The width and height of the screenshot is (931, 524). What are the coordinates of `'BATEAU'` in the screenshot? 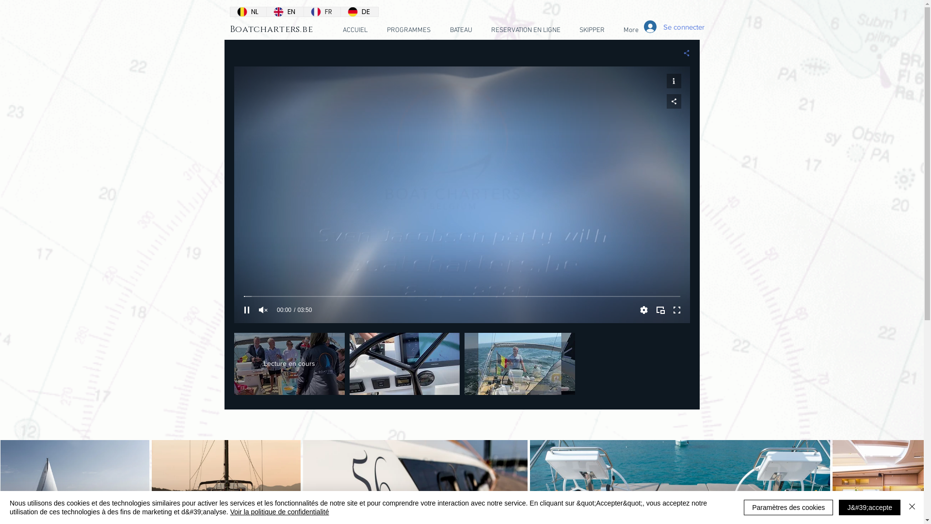 It's located at (439, 30).